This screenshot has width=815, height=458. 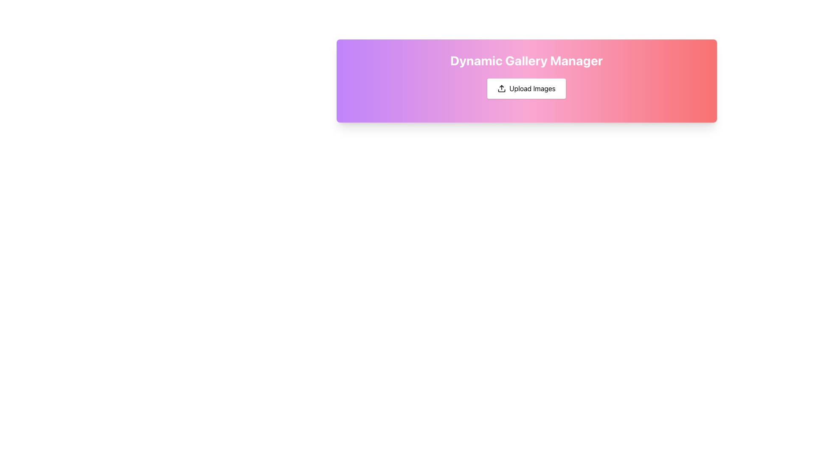 What do you see at coordinates (502, 88) in the screenshot?
I see `the upward-pointing arrow icon located to the left of the 'Upload Images' button in the central panel of the interface` at bounding box center [502, 88].